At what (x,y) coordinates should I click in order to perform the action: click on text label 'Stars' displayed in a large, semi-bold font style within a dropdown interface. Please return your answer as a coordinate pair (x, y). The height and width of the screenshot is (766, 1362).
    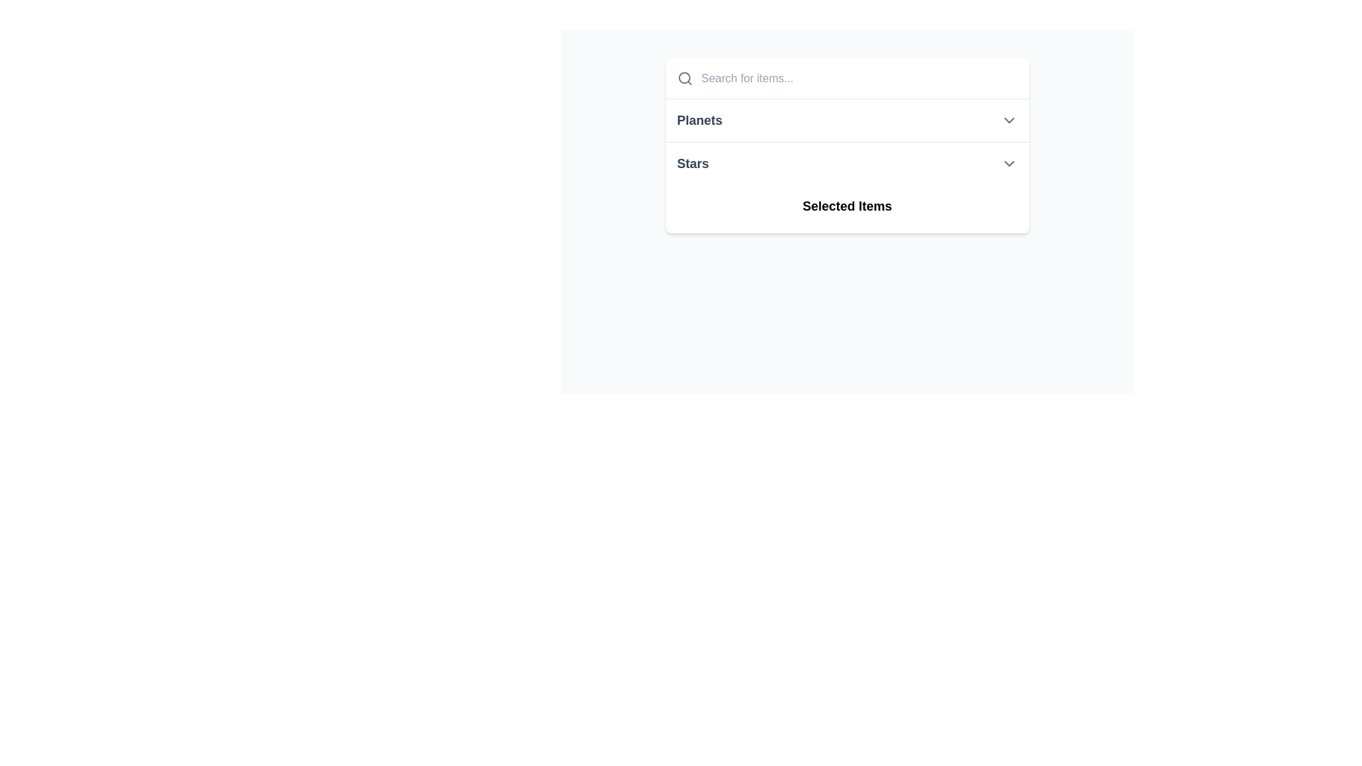
    Looking at the image, I should click on (693, 163).